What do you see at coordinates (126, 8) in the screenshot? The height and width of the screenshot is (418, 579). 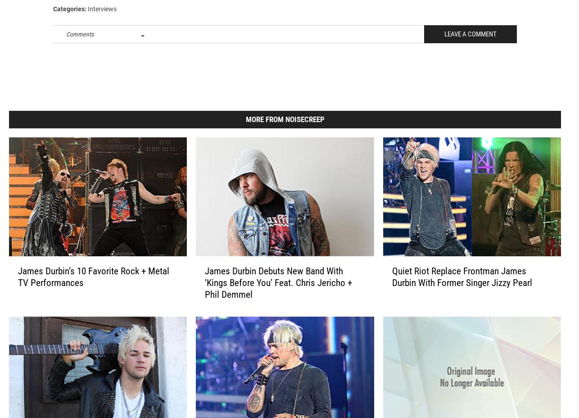 I see `','` at bounding box center [126, 8].